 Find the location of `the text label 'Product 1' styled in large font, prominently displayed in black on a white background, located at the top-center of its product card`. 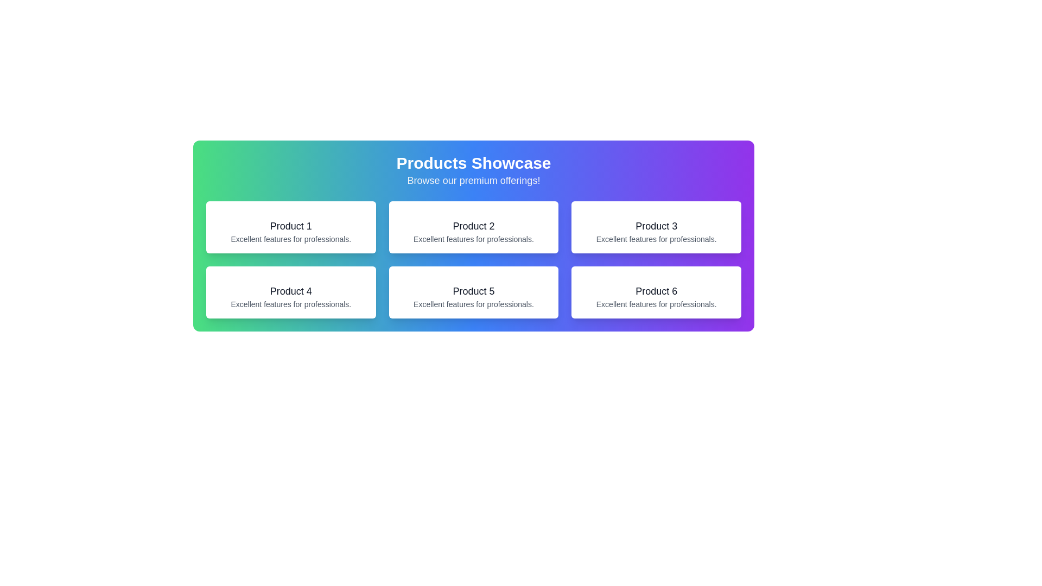

the text label 'Product 1' styled in large font, prominently displayed in black on a white background, located at the top-center of its product card is located at coordinates (291, 225).